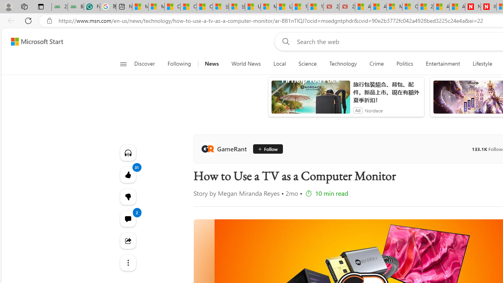 This screenshot has width=503, height=283. Describe the element at coordinates (488, 7) in the screenshot. I see `'Illness news & latest pictures from Newsweek.com'` at that location.